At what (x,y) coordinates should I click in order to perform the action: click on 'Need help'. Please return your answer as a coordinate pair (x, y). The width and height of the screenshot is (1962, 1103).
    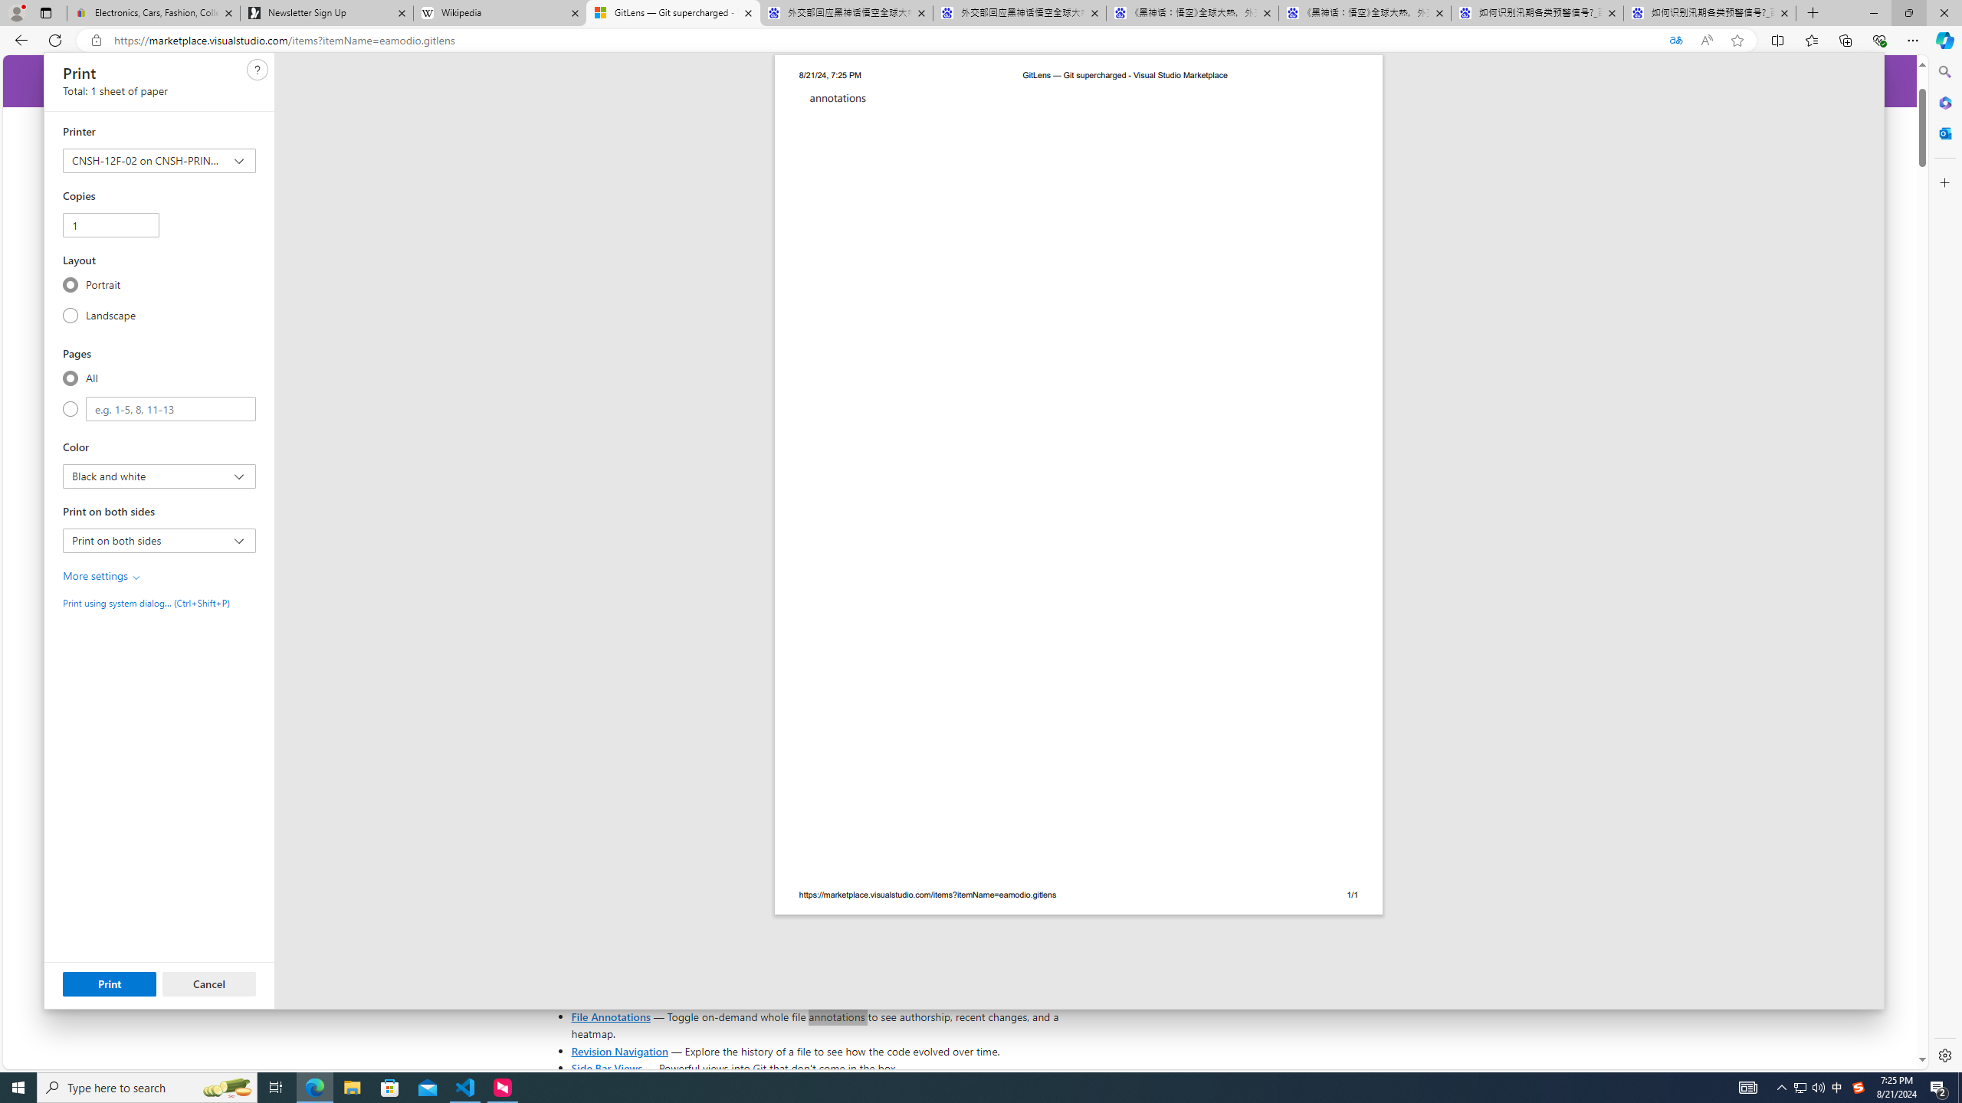
    Looking at the image, I should click on (257, 68).